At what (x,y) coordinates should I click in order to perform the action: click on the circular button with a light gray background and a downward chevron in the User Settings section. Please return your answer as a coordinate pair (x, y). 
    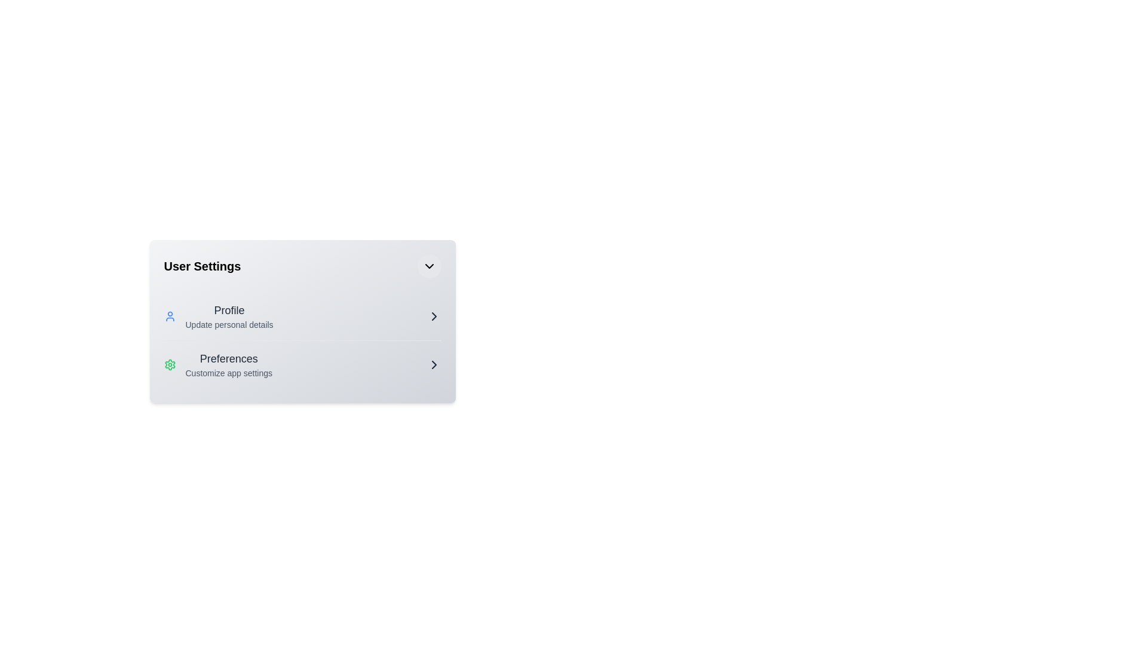
    Looking at the image, I should click on (429, 266).